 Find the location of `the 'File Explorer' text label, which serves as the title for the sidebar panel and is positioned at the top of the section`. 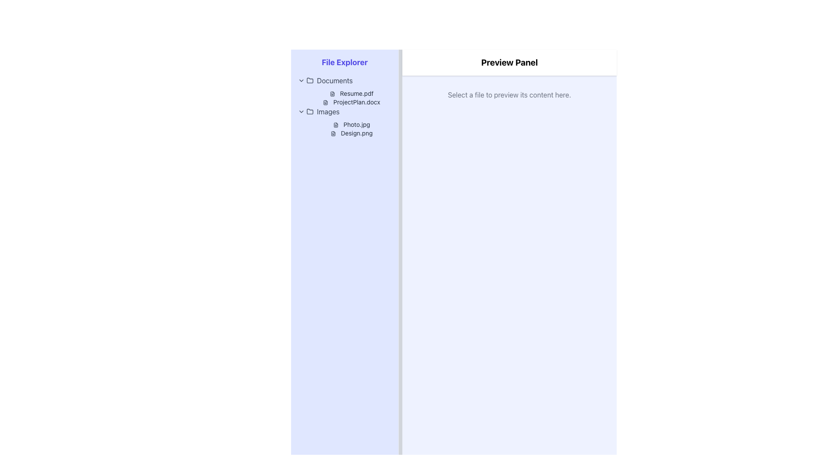

the 'File Explorer' text label, which serves as the title for the sidebar panel and is positioned at the top of the section is located at coordinates (344, 62).